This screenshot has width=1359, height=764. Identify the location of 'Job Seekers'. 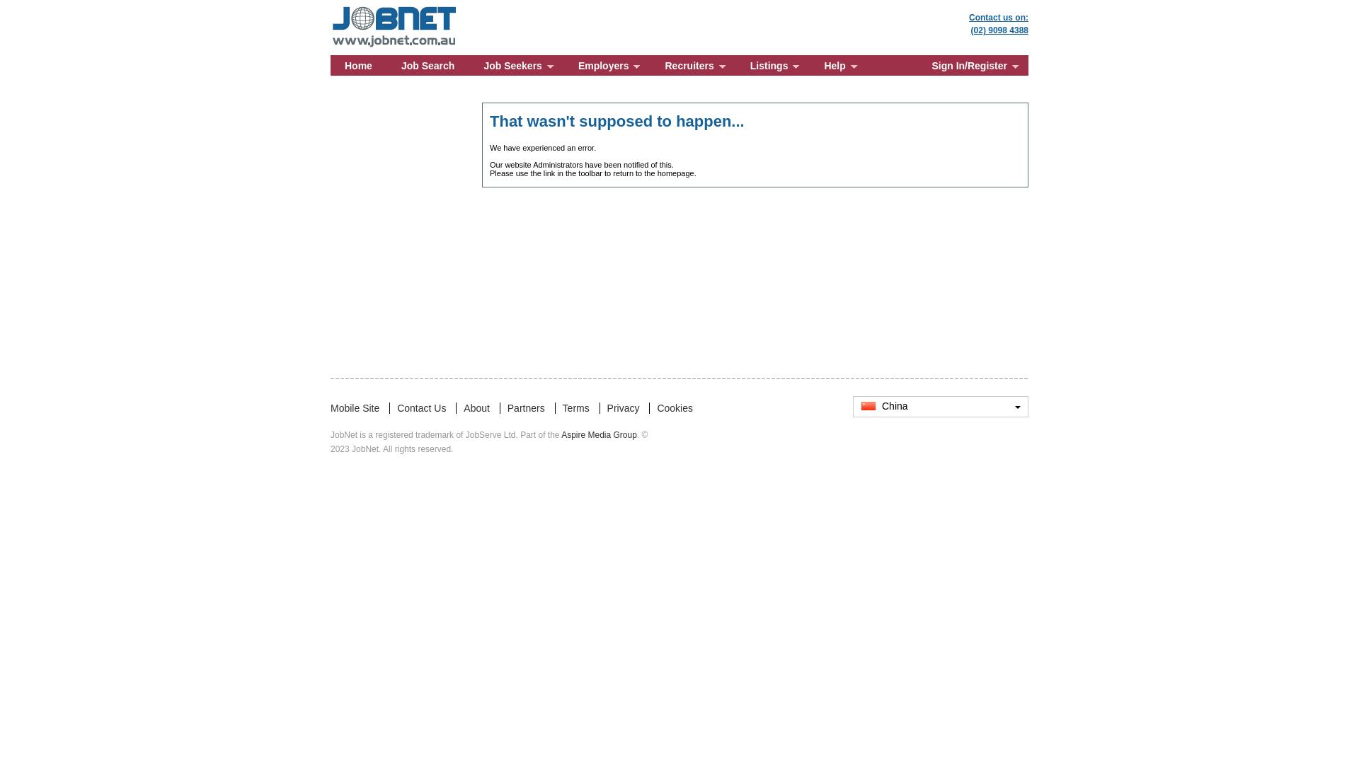
(515, 65).